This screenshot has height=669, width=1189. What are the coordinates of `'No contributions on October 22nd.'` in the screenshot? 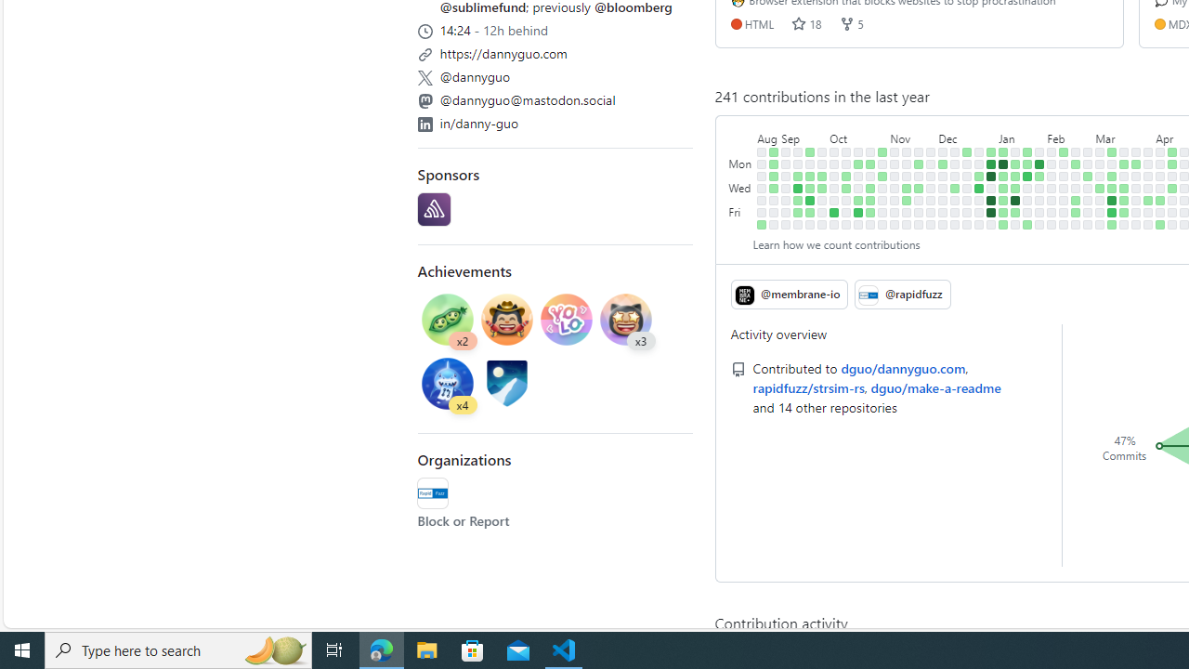 It's located at (869, 151).